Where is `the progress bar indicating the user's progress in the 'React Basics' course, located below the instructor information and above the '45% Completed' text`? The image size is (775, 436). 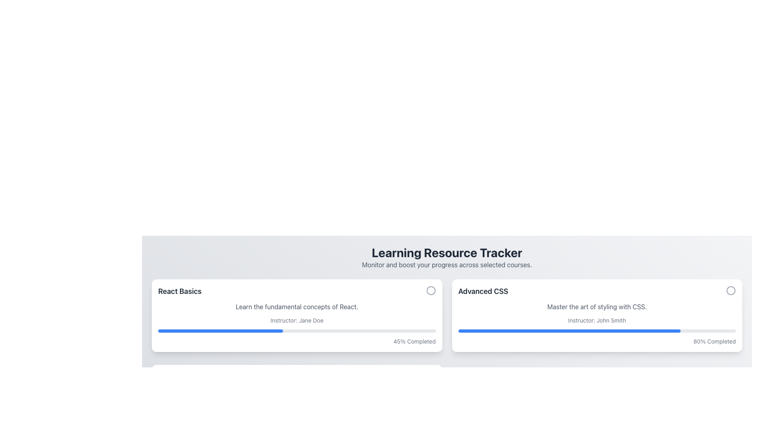 the progress bar indicating the user's progress in the 'React Basics' course, located below the instructor information and above the '45% Completed' text is located at coordinates (296, 331).